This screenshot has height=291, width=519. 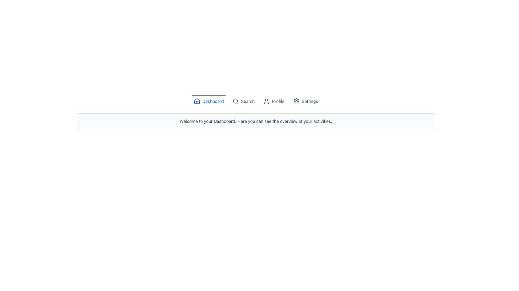 I want to click on the magnifying glass icon in the navigation menu, so click(x=235, y=101).